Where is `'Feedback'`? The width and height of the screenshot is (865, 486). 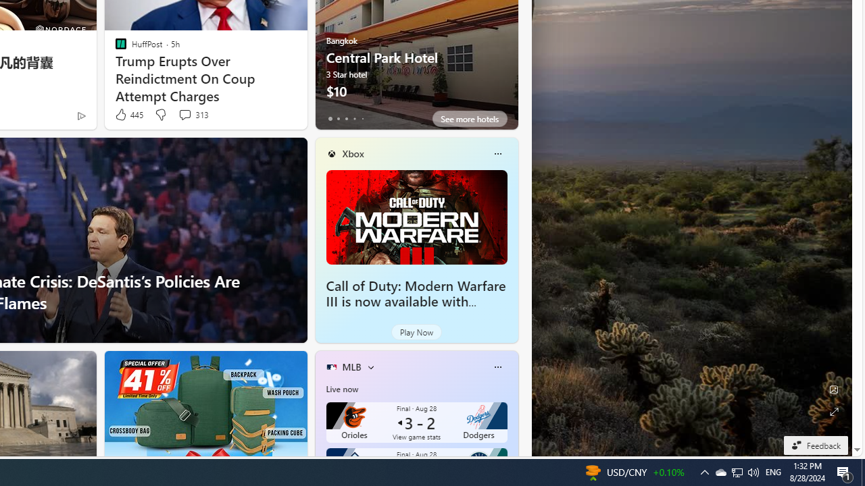 'Feedback' is located at coordinates (814, 445).